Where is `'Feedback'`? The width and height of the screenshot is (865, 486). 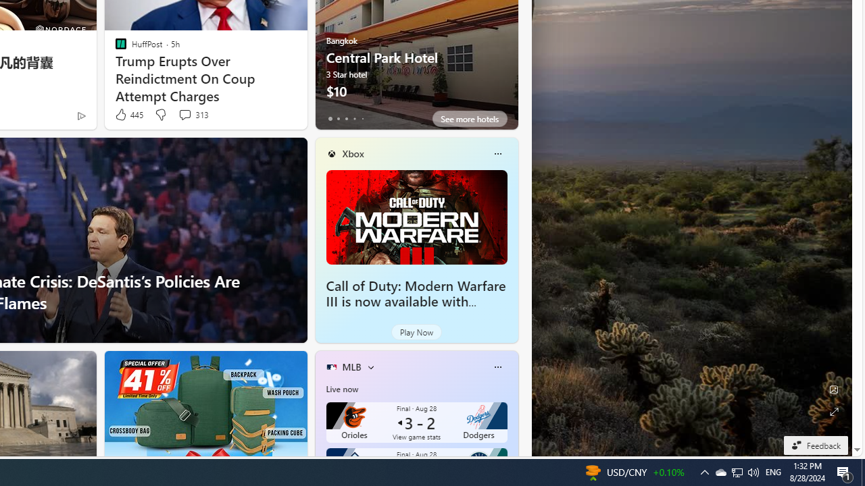 'Feedback' is located at coordinates (814, 445).